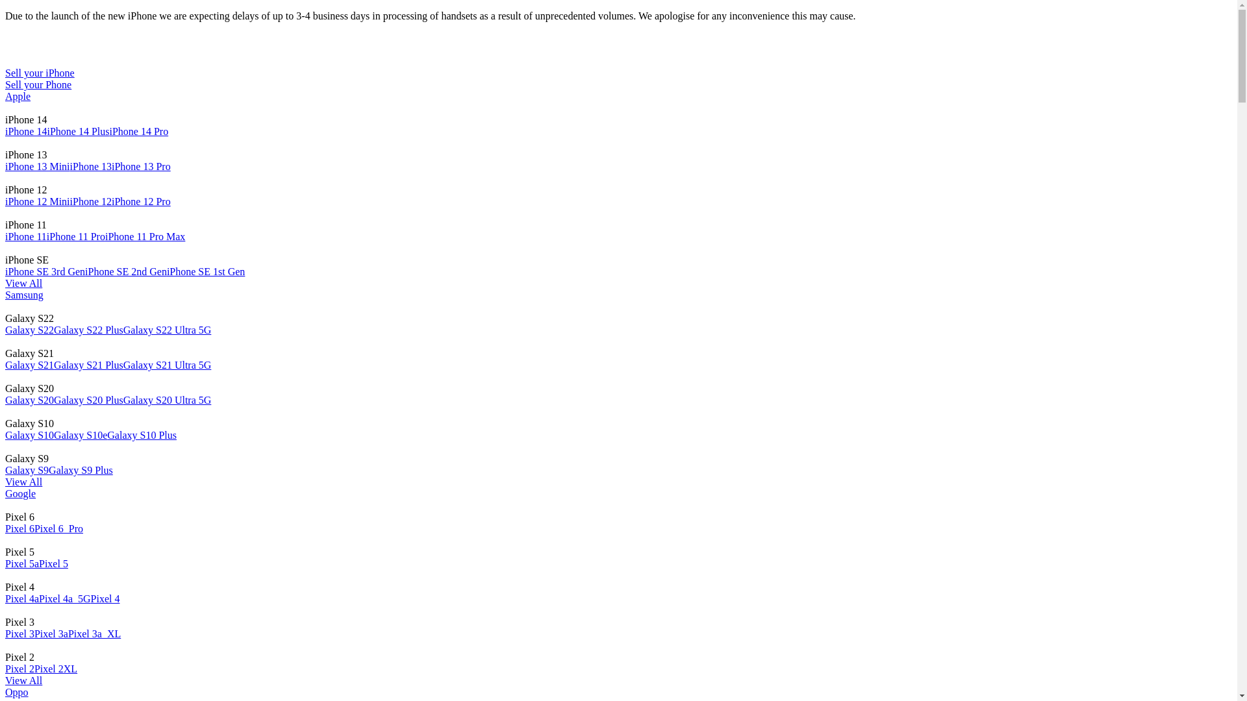 Image resolution: width=1247 pixels, height=701 pixels. I want to click on 'Galaxy S10', so click(29, 435).